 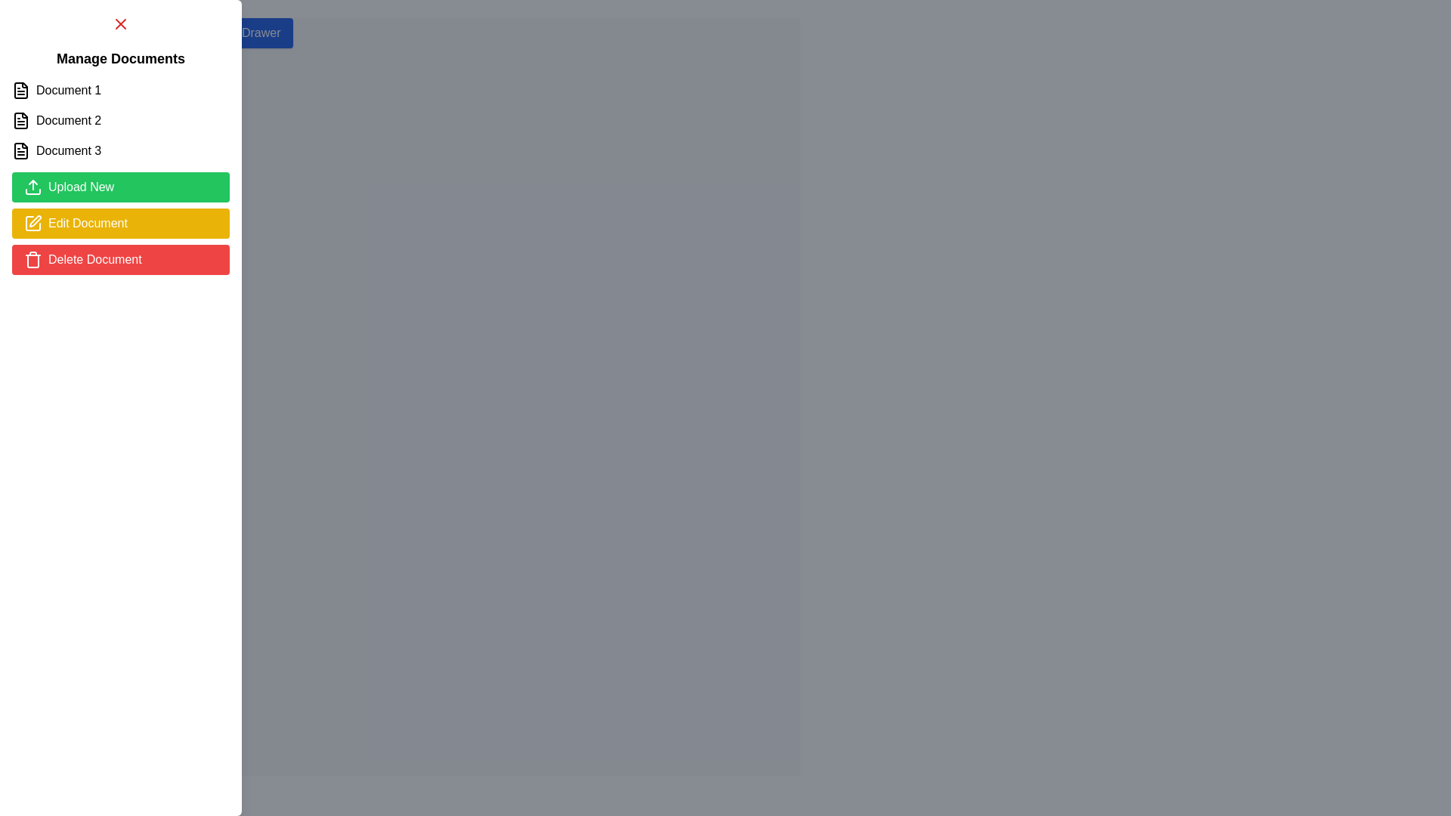 What do you see at coordinates (119, 23) in the screenshot?
I see `the red outlined 'X' icon button located at the top-left corner of the interface` at bounding box center [119, 23].